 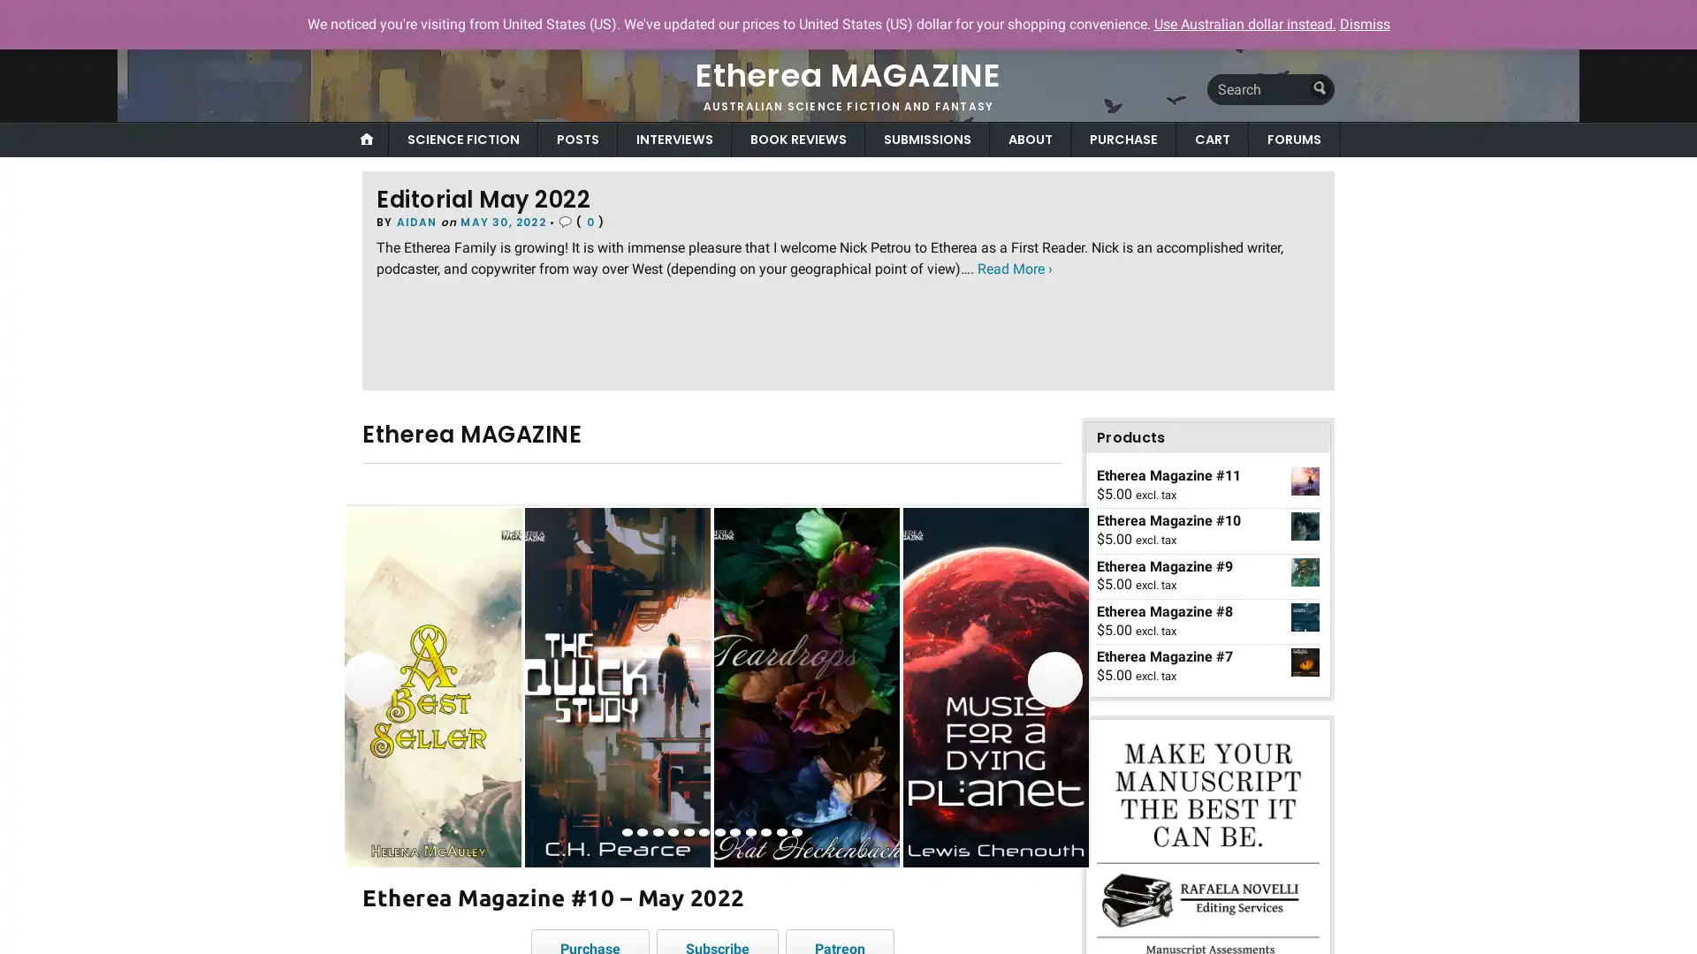 I want to click on view image 9 of 12 in carousel, so click(x=750, y=831).